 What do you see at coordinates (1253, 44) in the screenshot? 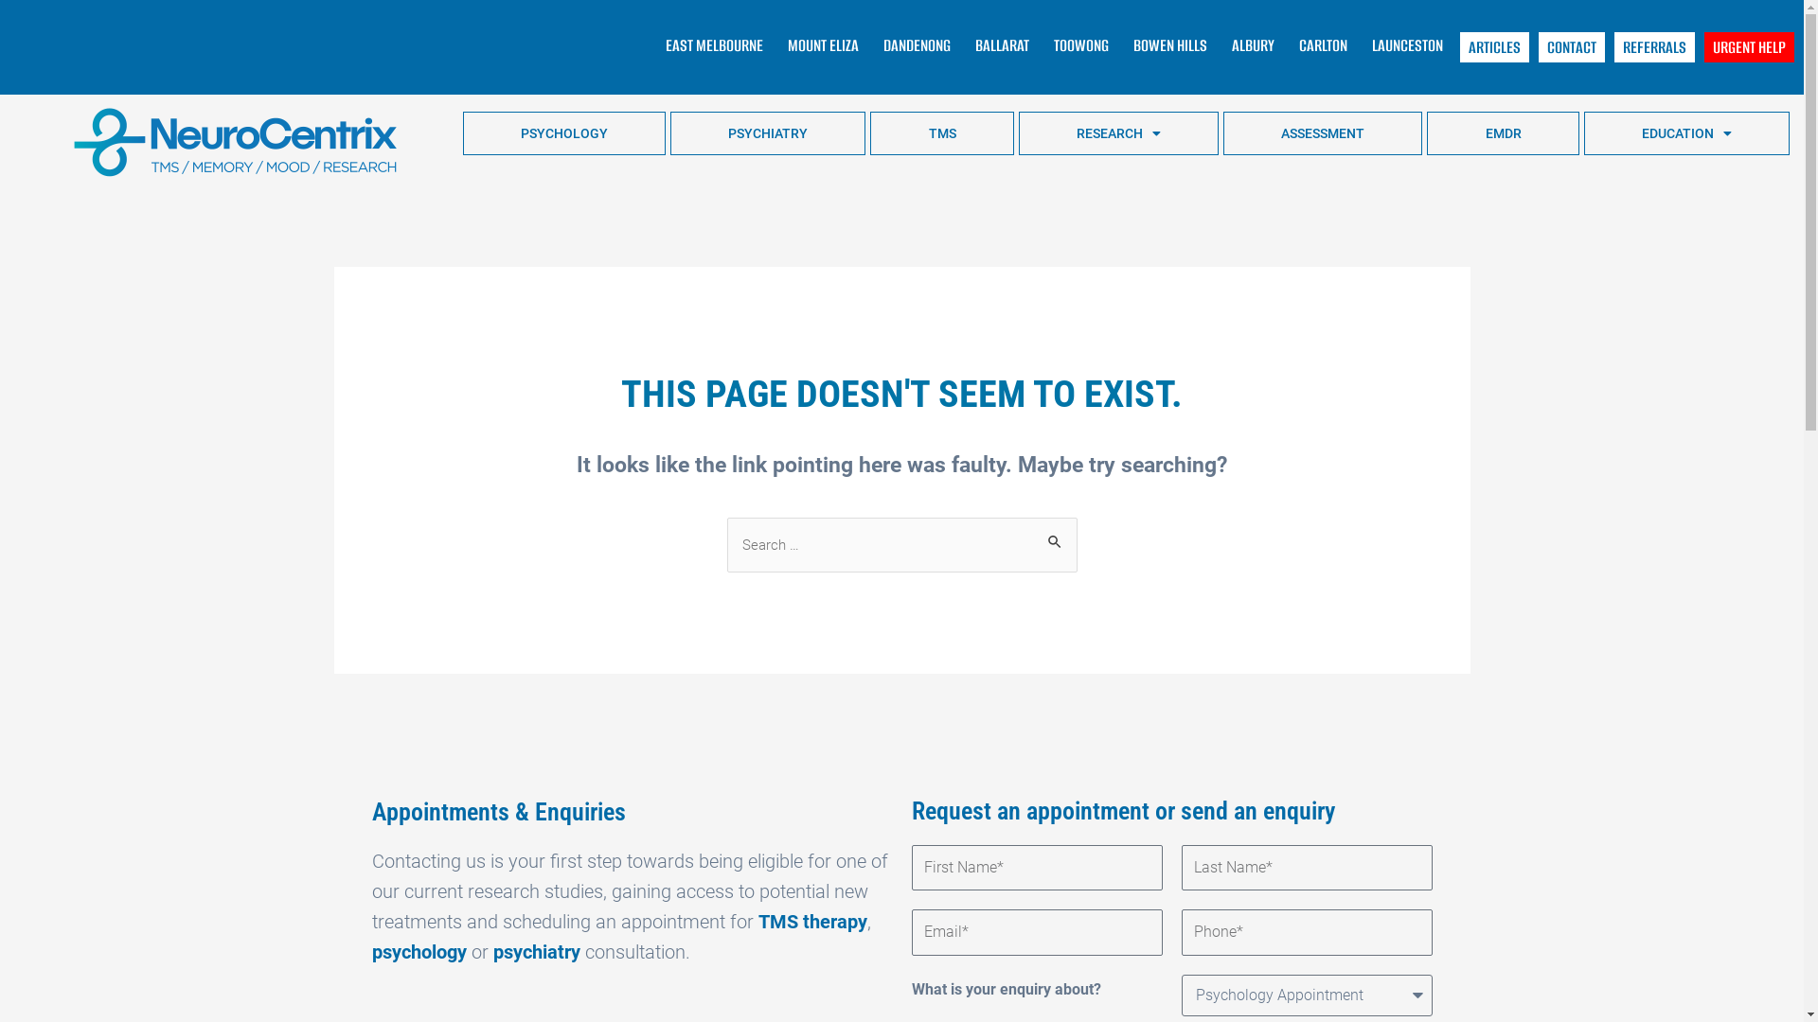
I see `'ALBURY'` at bounding box center [1253, 44].